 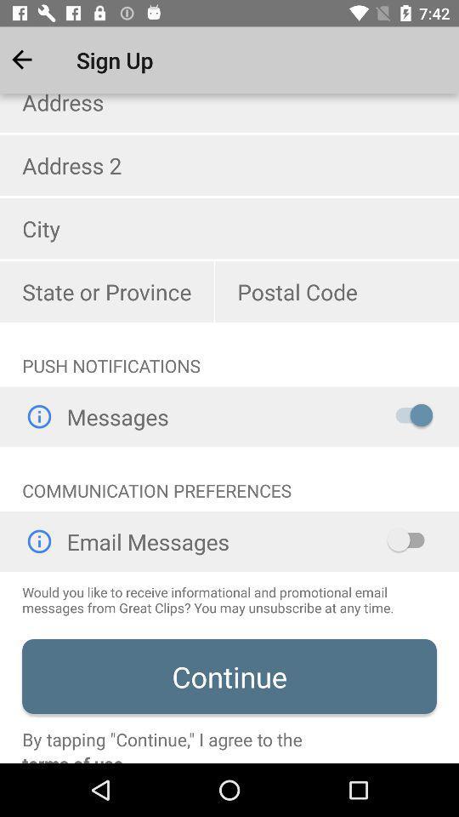 I want to click on the info icon, so click(x=38, y=540).